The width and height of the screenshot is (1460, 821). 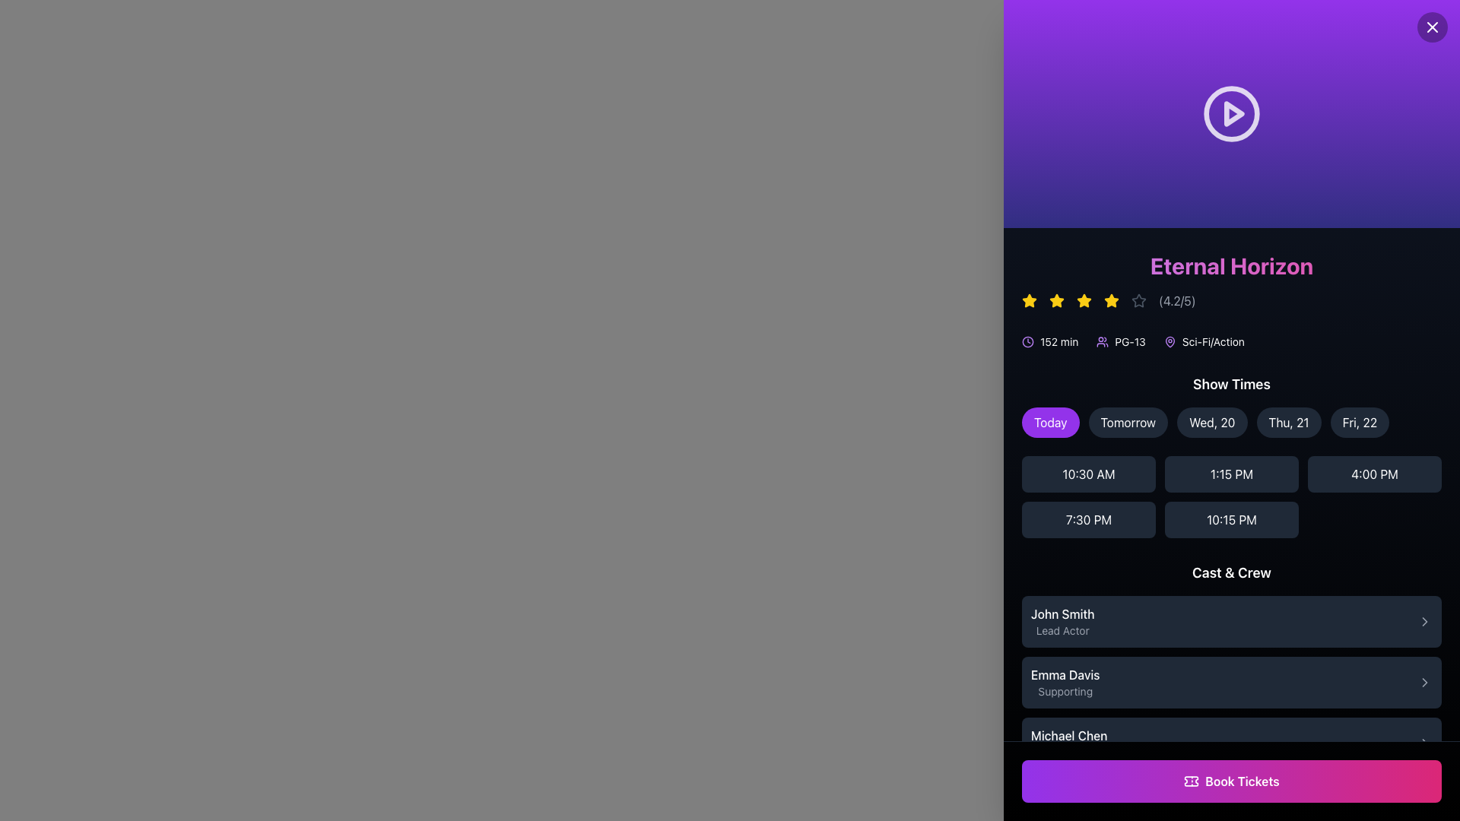 I want to click on the button labeled 'Wed, 20', so click(x=1211, y=422).